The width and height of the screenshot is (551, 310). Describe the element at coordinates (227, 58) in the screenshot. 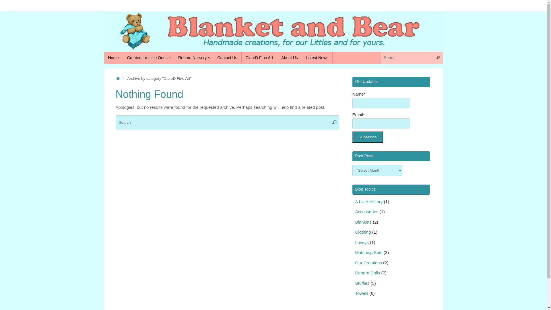

I see `'Contact Us'` at that location.